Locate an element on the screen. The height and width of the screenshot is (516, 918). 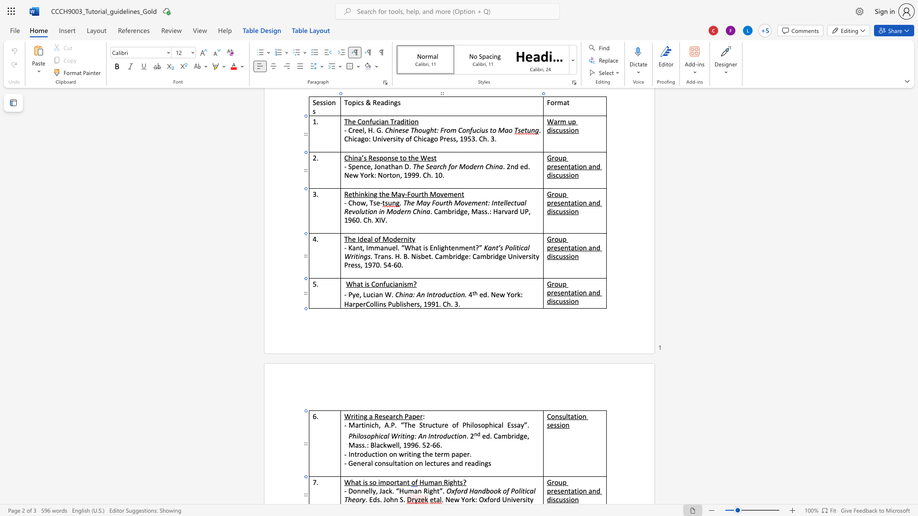
the space between the continuous character "h" and "n" in the text is located at coordinates (394, 499).